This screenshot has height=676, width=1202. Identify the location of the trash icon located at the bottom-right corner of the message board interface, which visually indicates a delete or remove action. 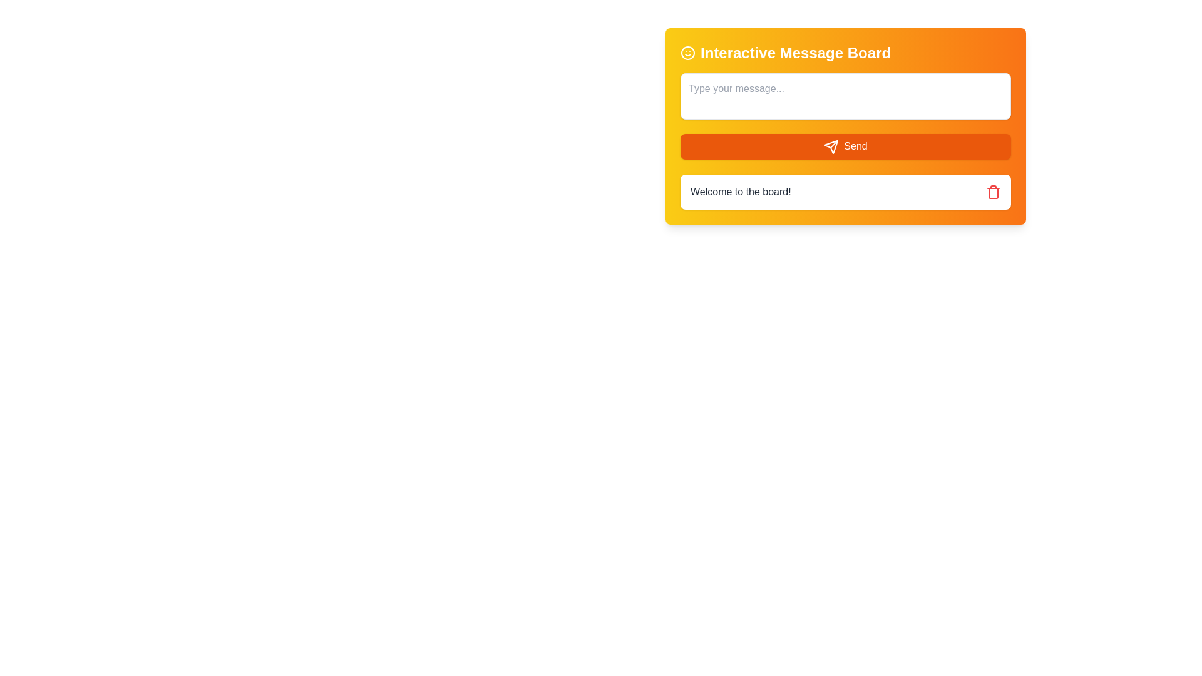
(993, 193).